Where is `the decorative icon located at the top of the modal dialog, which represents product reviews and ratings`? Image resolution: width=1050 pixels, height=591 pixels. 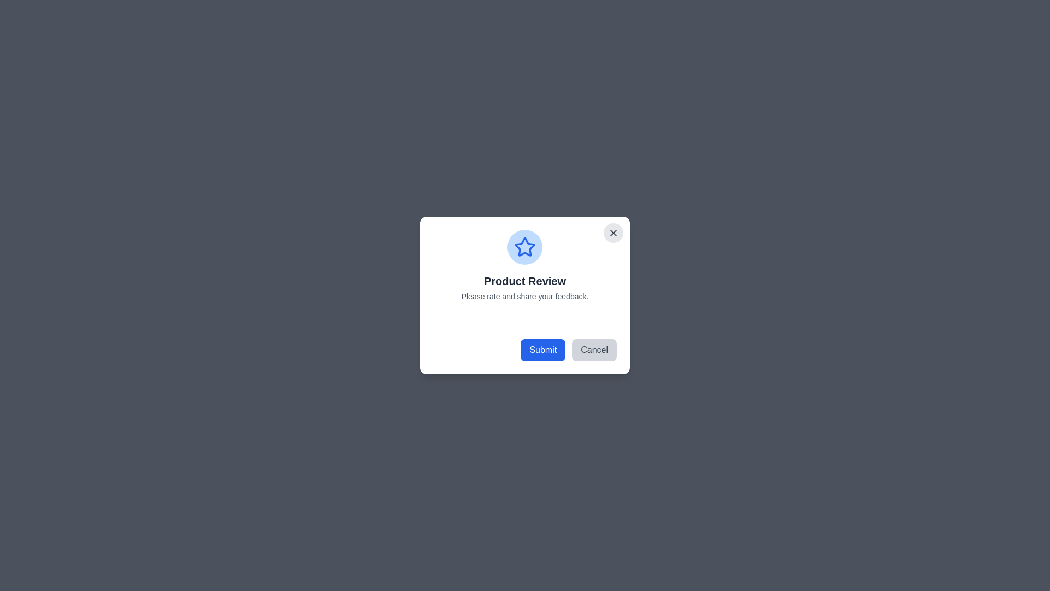
the decorative icon located at the top of the modal dialog, which represents product reviews and ratings is located at coordinates (525, 247).